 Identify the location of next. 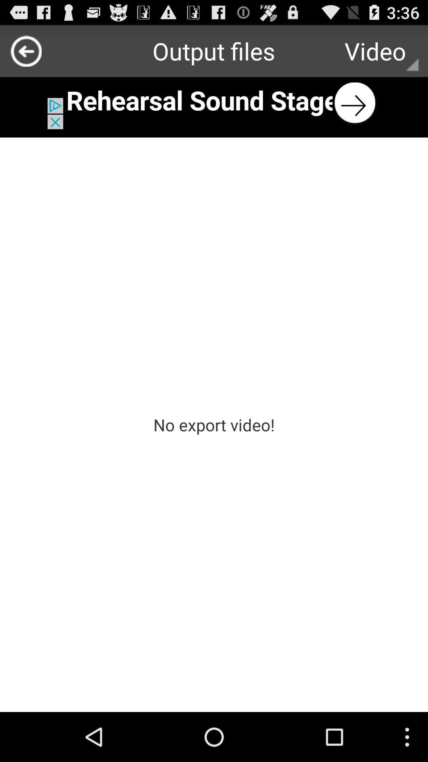
(214, 102).